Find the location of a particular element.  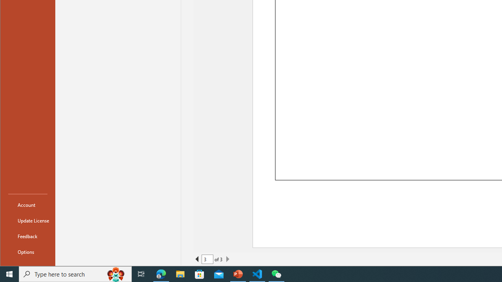

'Search highlights icon opens search home window' is located at coordinates (115, 273).